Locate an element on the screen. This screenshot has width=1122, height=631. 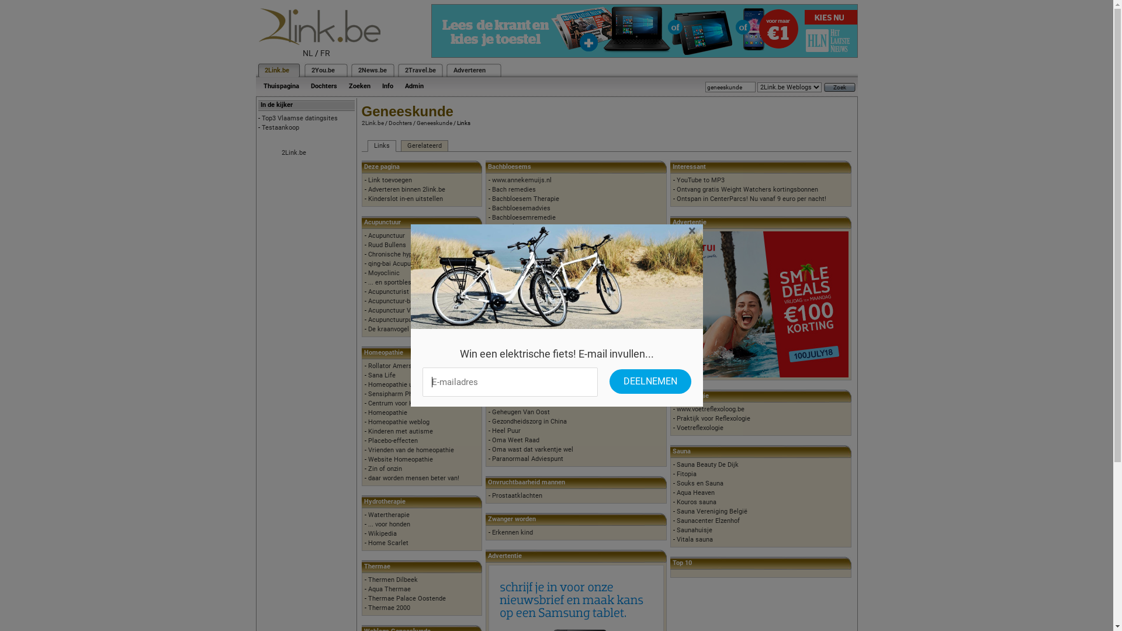
'Prostaatklachten' is located at coordinates (491, 495).